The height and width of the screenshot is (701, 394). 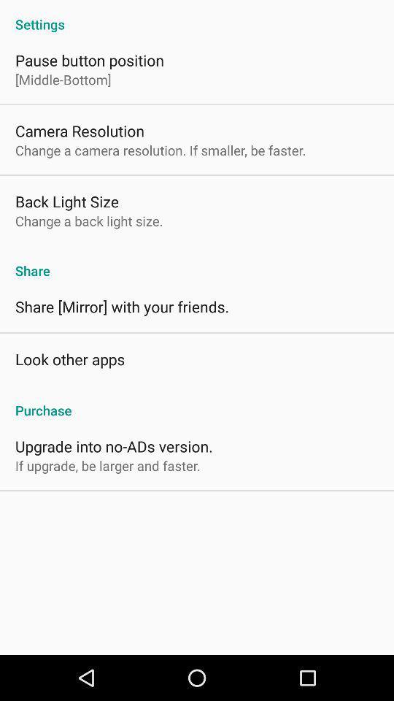 I want to click on look other apps, so click(x=69, y=358).